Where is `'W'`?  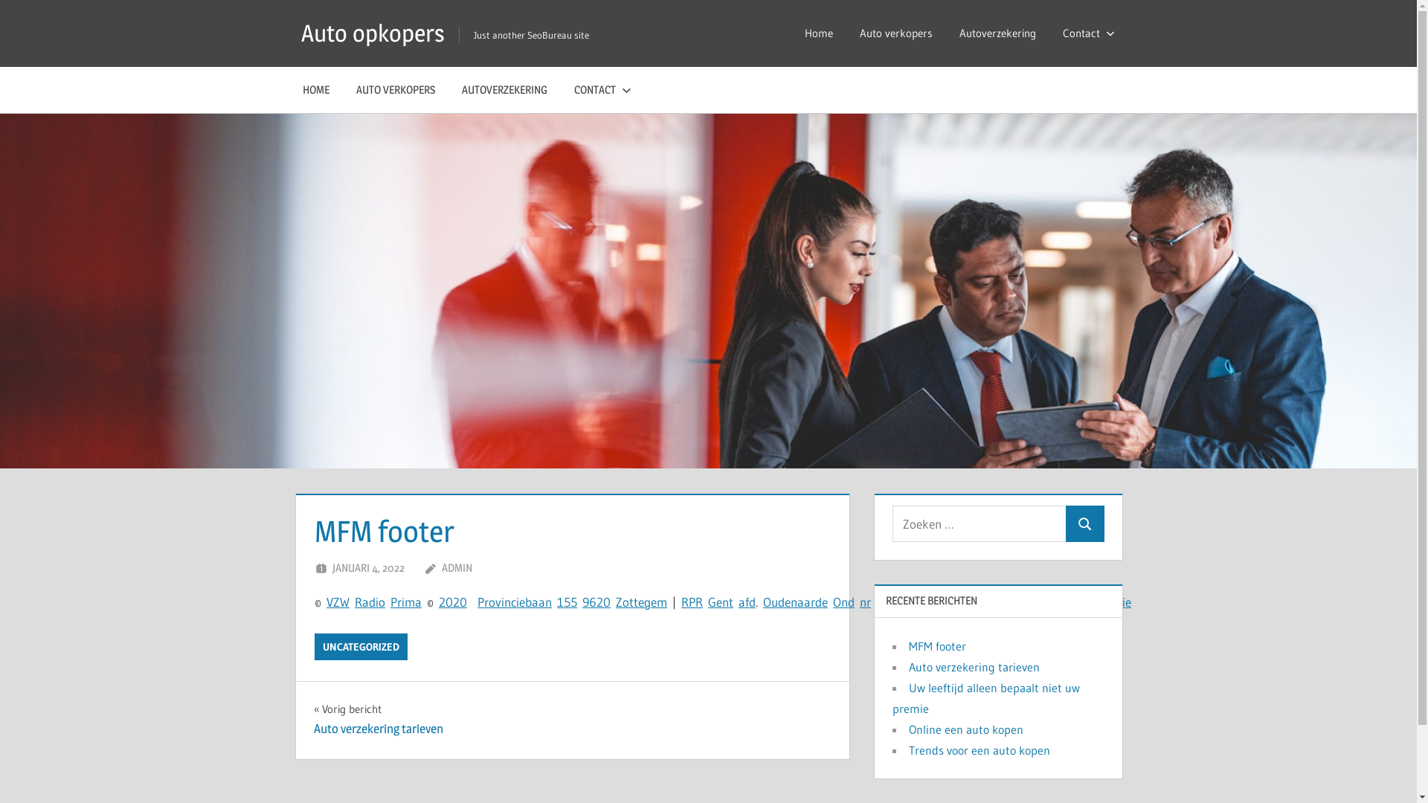 'W' is located at coordinates (338, 601).